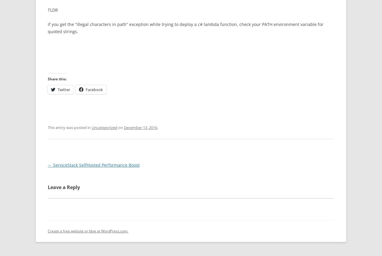 This screenshot has width=382, height=256. Describe the element at coordinates (64, 89) in the screenshot. I see `'Twitter'` at that location.